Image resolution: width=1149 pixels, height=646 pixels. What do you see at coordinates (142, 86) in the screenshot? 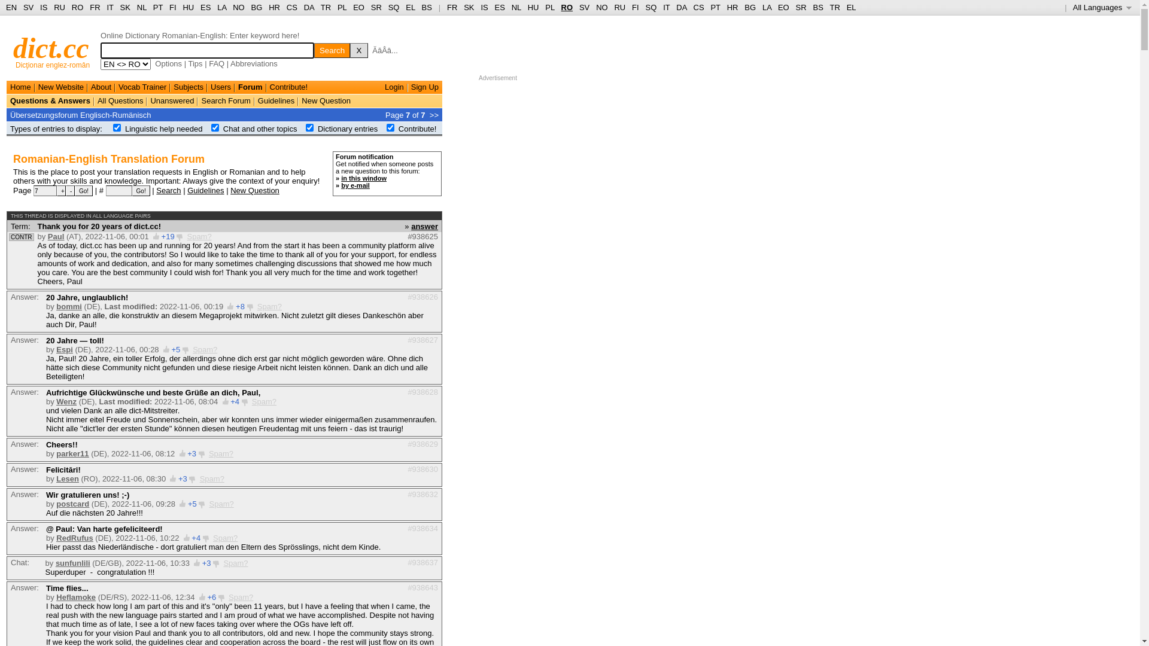
I see `'Vocab Trainer'` at bounding box center [142, 86].